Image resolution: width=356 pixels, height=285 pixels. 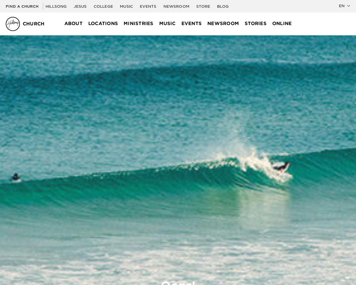 What do you see at coordinates (203, 6) in the screenshot?
I see `'Store'` at bounding box center [203, 6].